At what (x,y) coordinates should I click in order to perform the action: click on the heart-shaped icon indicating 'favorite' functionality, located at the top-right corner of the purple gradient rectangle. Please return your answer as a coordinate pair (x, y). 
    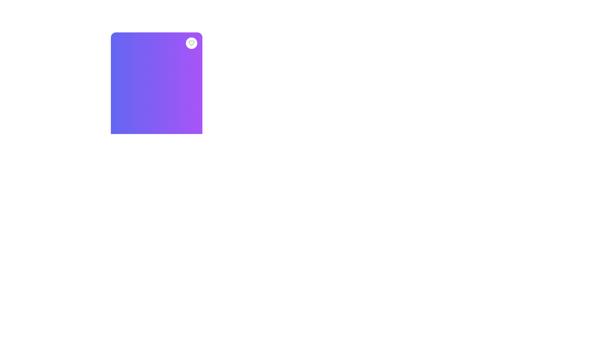
    Looking at the image, I should click on (191, 43).